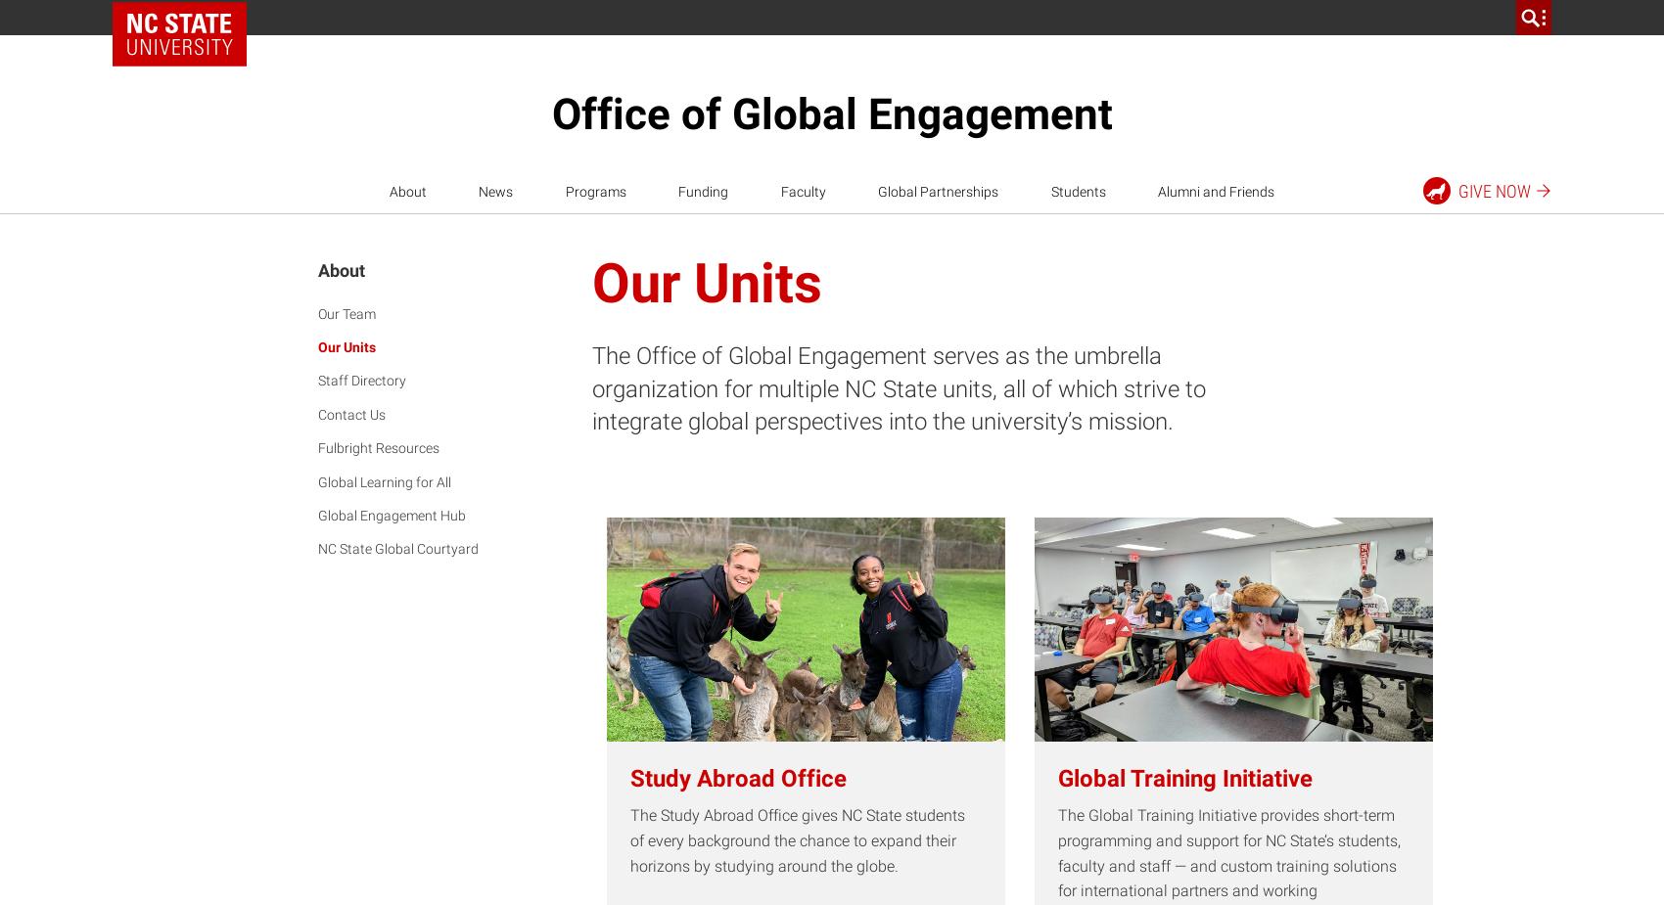  I want to click on 'Our Team', so click(346, 311).